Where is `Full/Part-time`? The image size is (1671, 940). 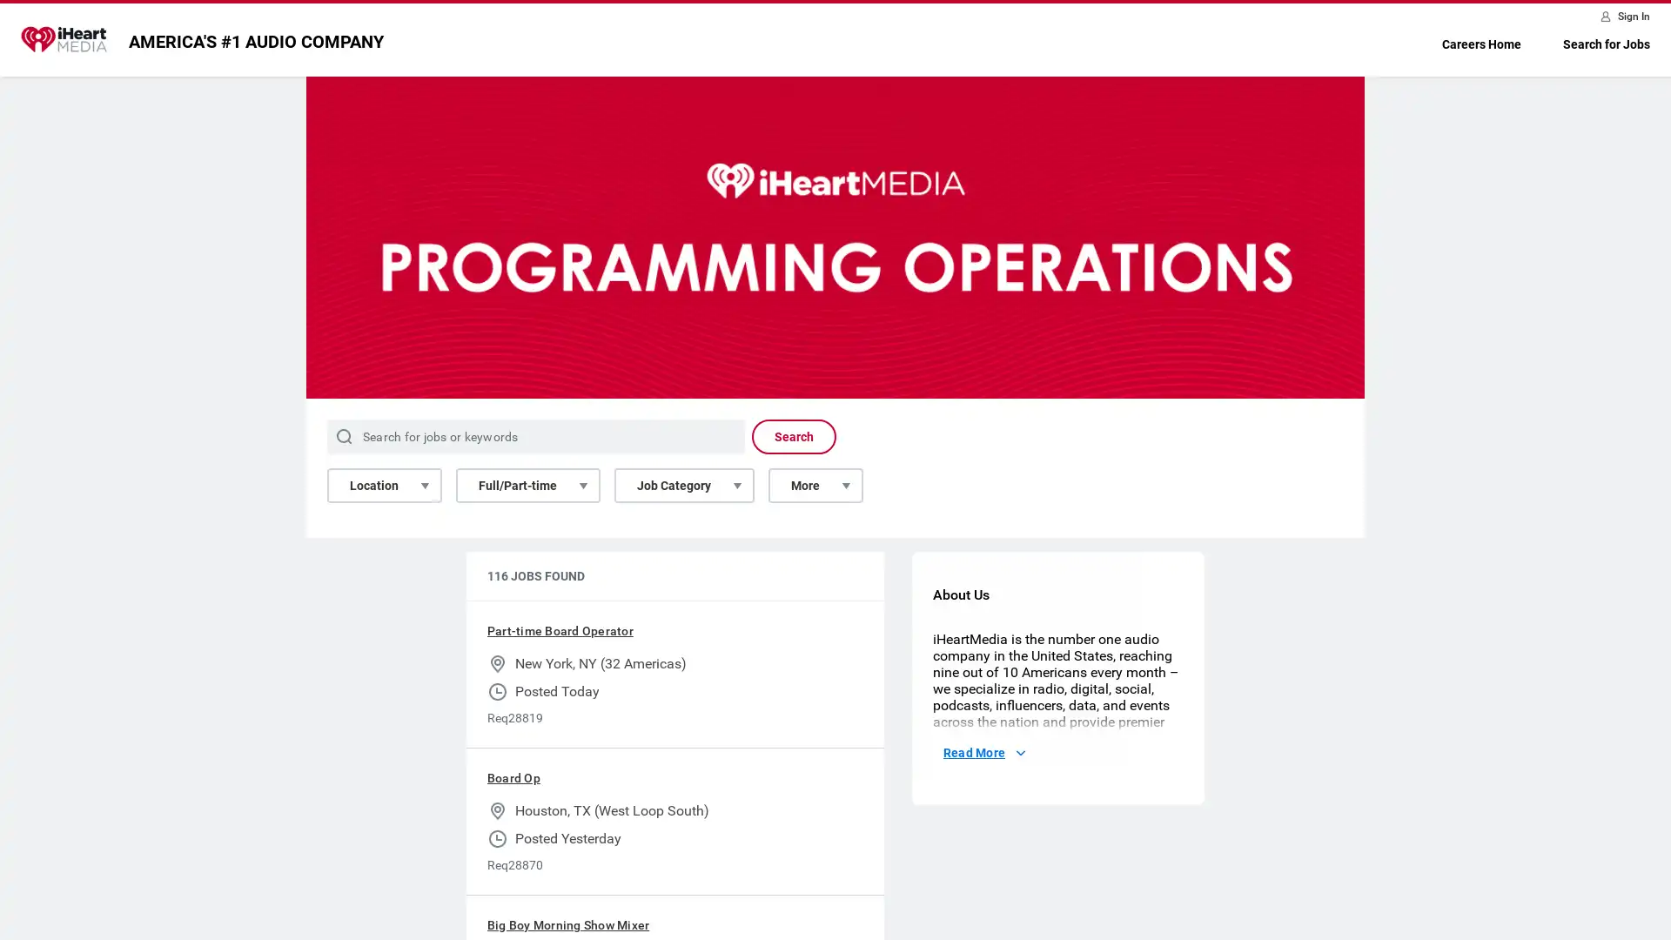 Full/Part-time is located at coordinates (527, 486).